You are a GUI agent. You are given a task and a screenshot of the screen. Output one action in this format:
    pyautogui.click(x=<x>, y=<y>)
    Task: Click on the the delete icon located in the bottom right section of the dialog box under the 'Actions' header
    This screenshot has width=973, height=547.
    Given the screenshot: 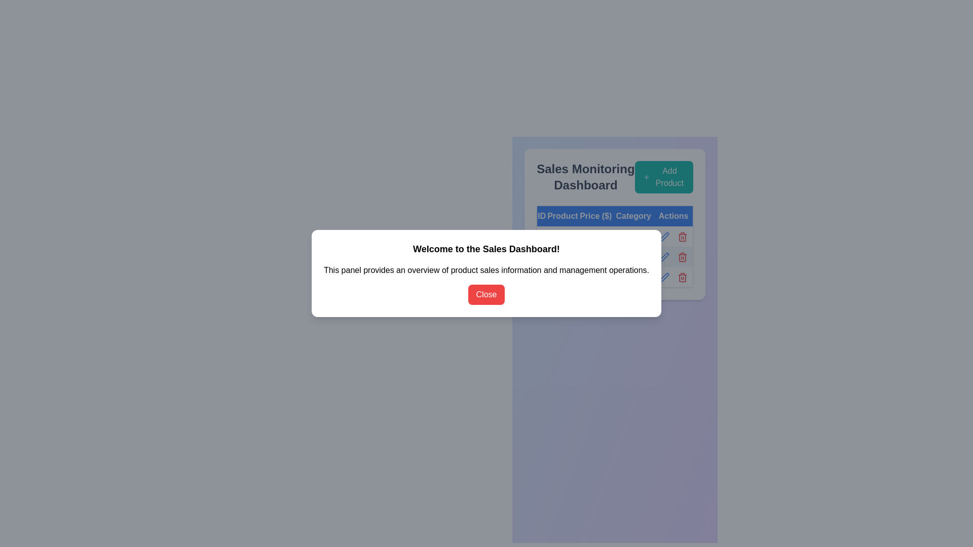 What is the action you would take?
    pyautogui.click(x=683, y=236)
    